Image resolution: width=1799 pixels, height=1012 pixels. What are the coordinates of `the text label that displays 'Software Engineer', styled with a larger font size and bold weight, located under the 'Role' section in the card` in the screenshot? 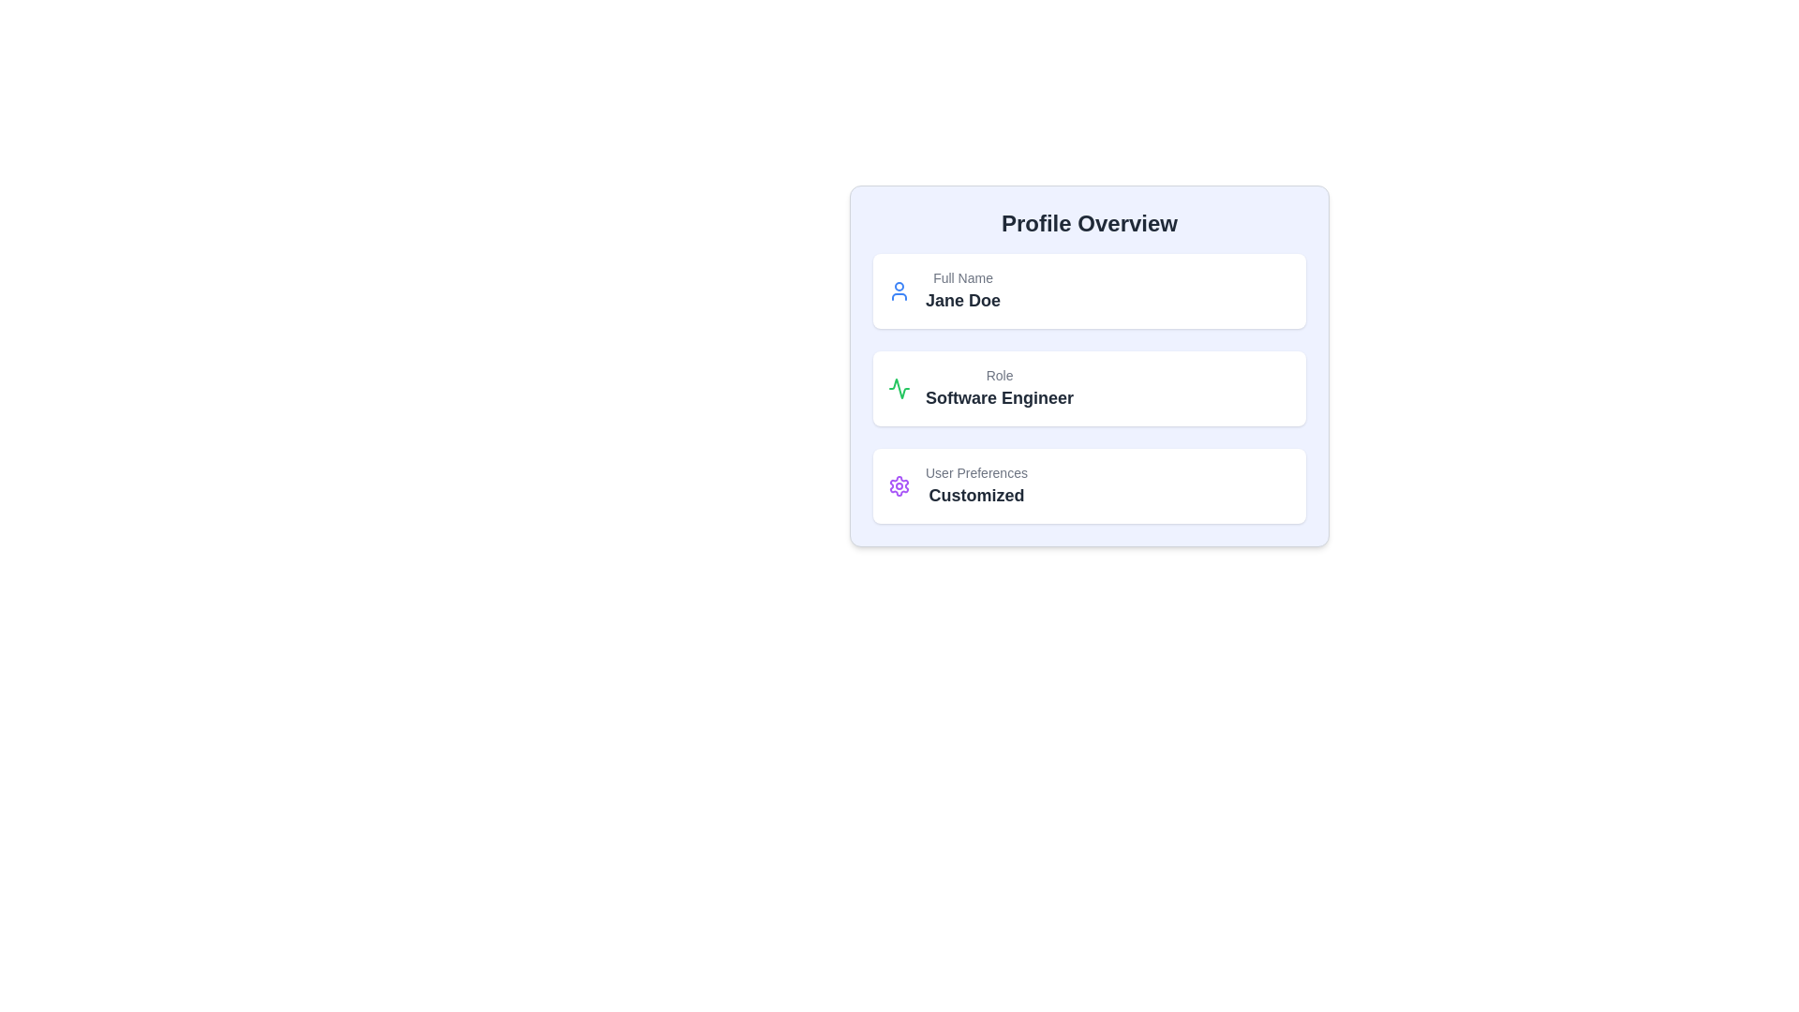 It's located at (998, 396).